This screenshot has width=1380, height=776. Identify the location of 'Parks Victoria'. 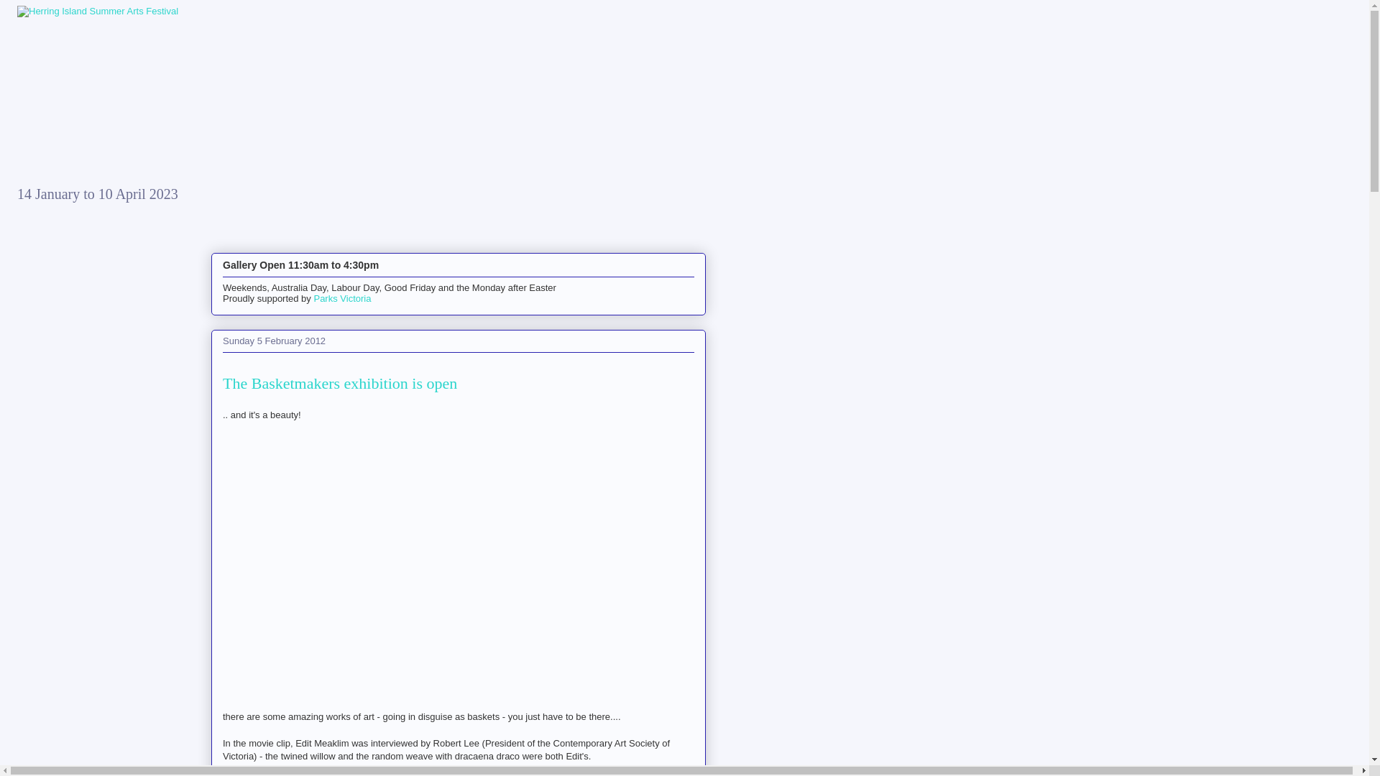
(341, 297).